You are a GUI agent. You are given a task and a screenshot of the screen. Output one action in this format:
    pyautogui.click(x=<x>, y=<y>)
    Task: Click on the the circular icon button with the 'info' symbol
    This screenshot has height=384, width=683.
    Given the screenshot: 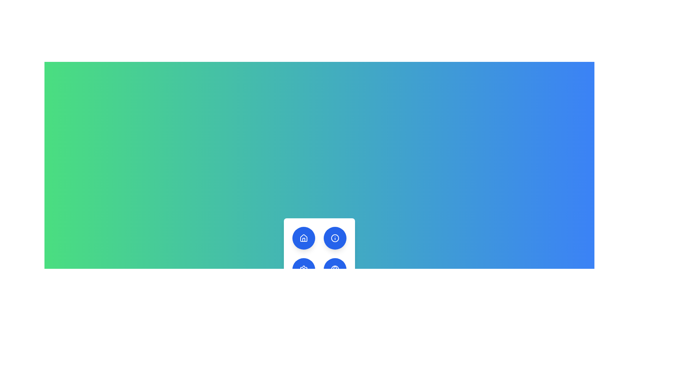 What is the action you would take?
    pyautogui.click(x=334, y=238)
    